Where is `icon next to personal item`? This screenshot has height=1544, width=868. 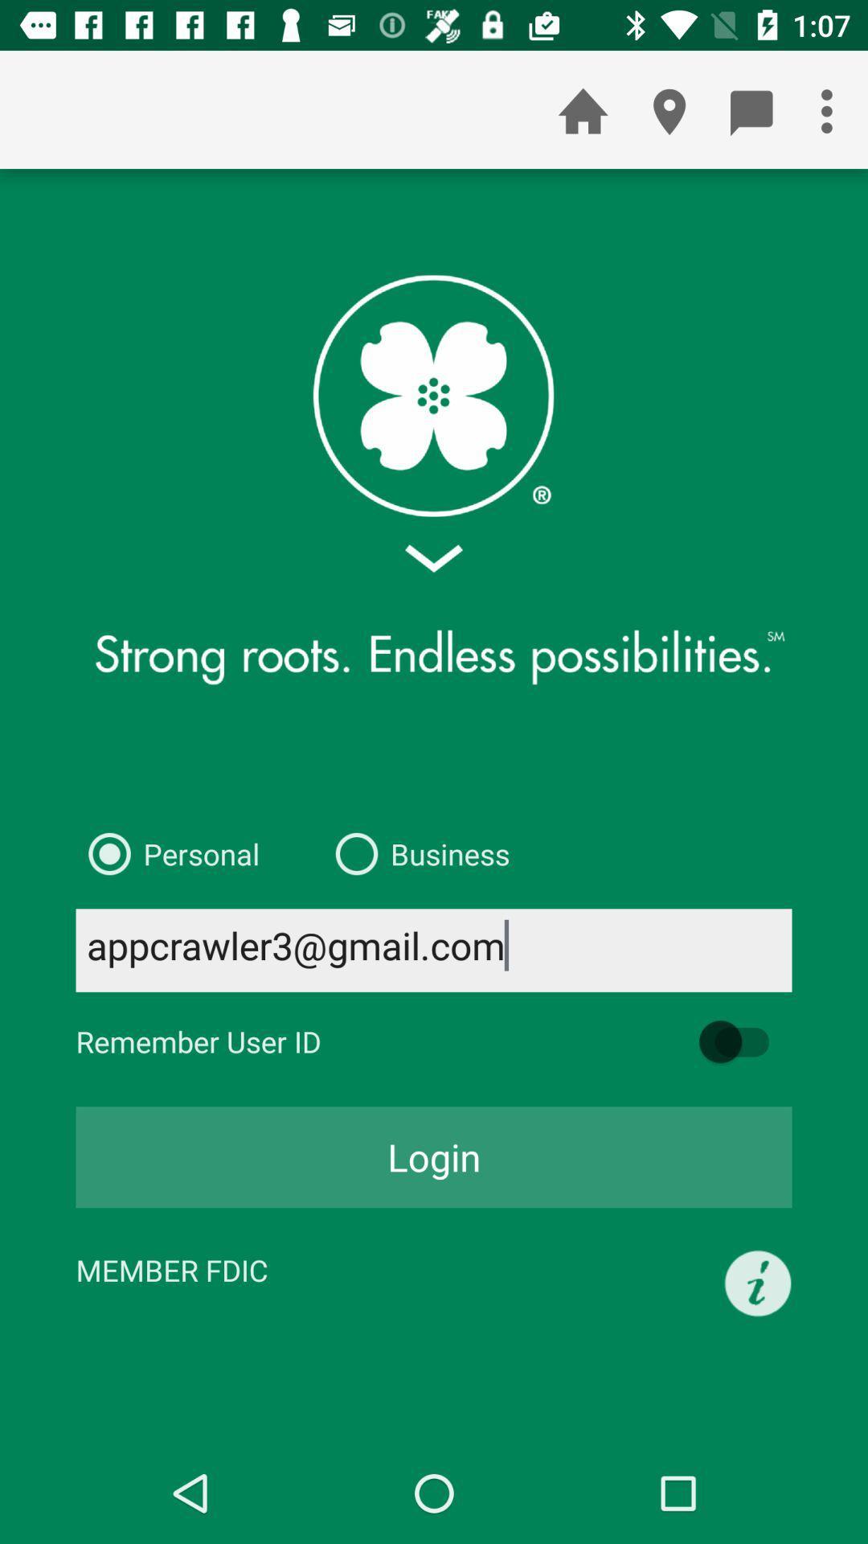
icon next to personal item is located at coordinates (416, 852).